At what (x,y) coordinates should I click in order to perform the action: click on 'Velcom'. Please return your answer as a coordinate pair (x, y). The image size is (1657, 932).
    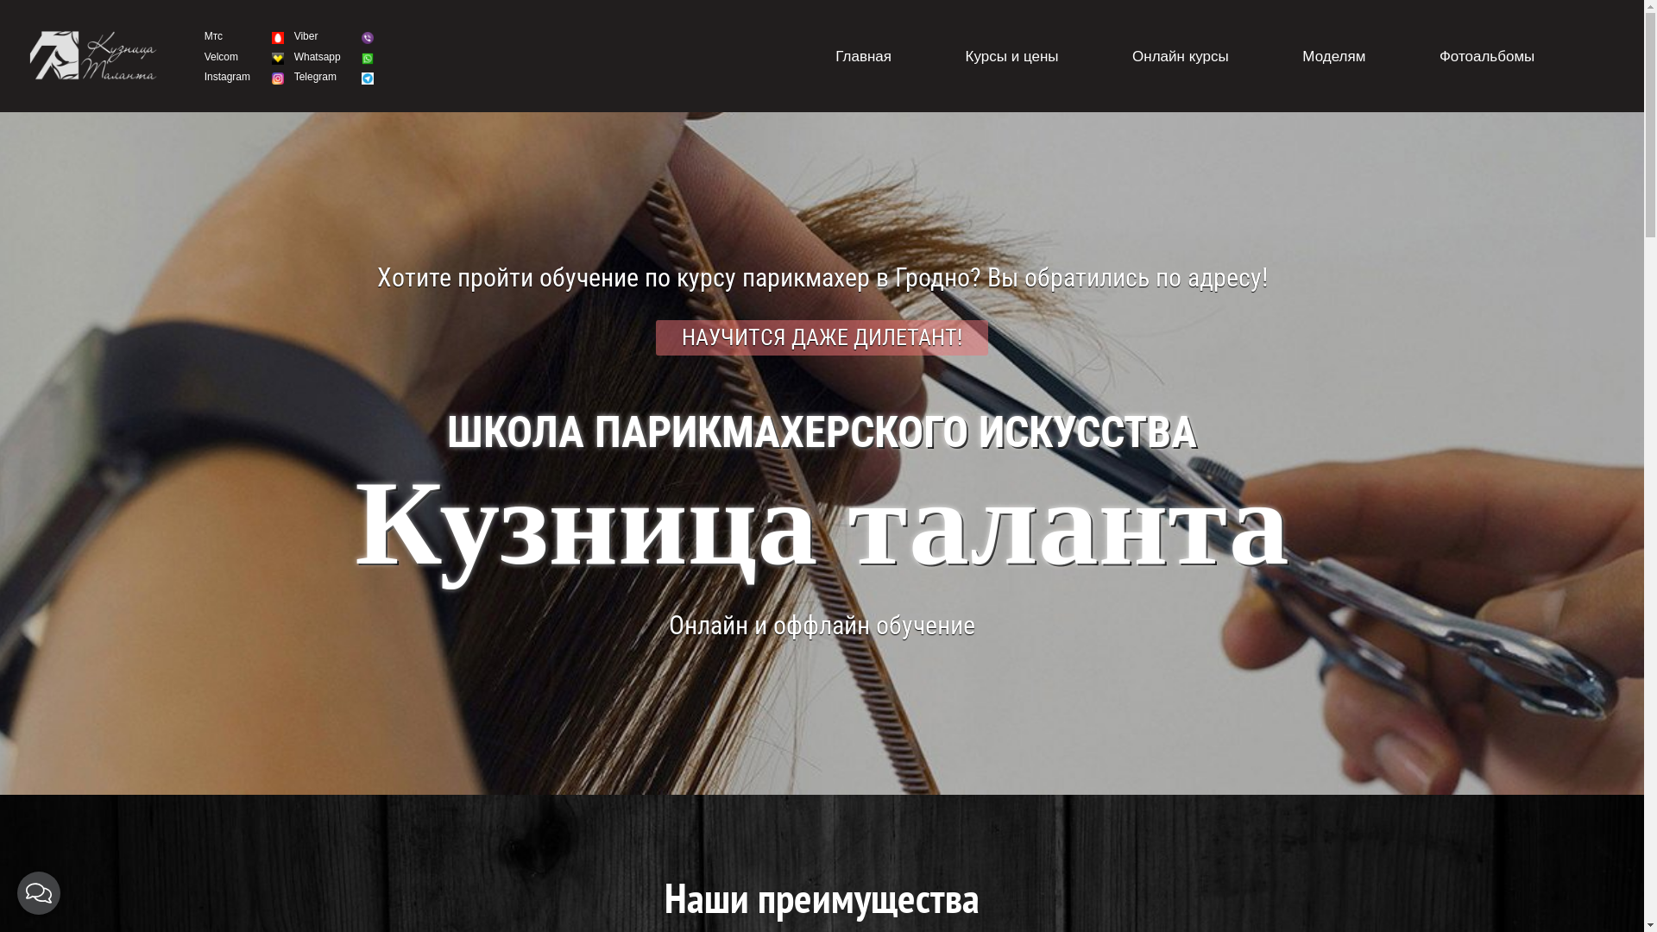
    Looking at the image, I should click on (220, 55).